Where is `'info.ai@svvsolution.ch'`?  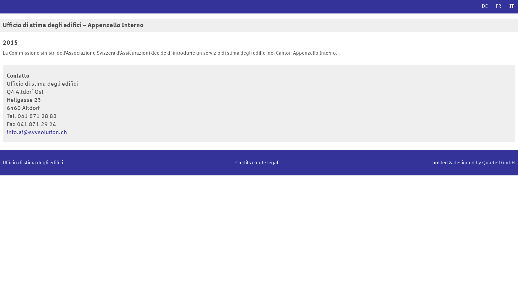 'info.ai@svvsolution.ch' is located at coordinates (37, 133).